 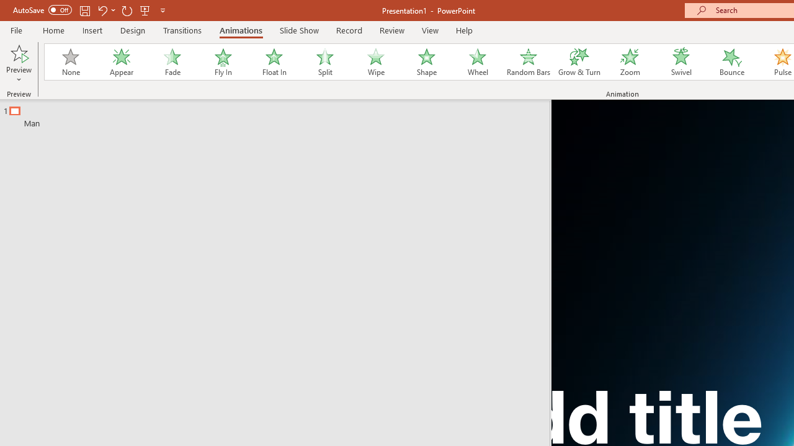 What do you see at coordinates (223, 62) in the screenshot?
I see `'Fly In'` at bounding box center [223, 62].